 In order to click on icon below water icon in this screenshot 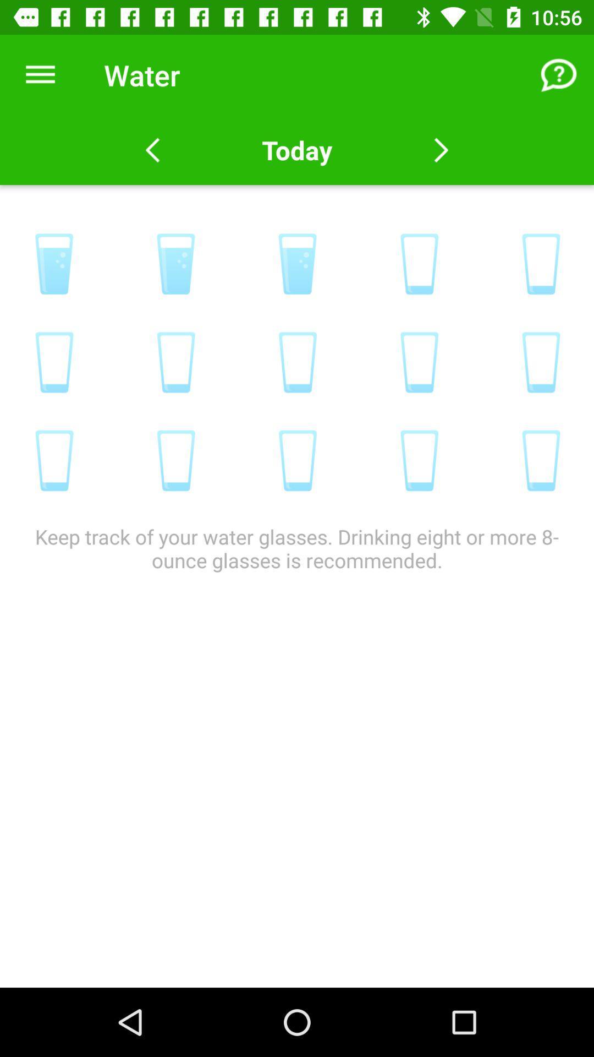, I will do `click(297, 150)`.